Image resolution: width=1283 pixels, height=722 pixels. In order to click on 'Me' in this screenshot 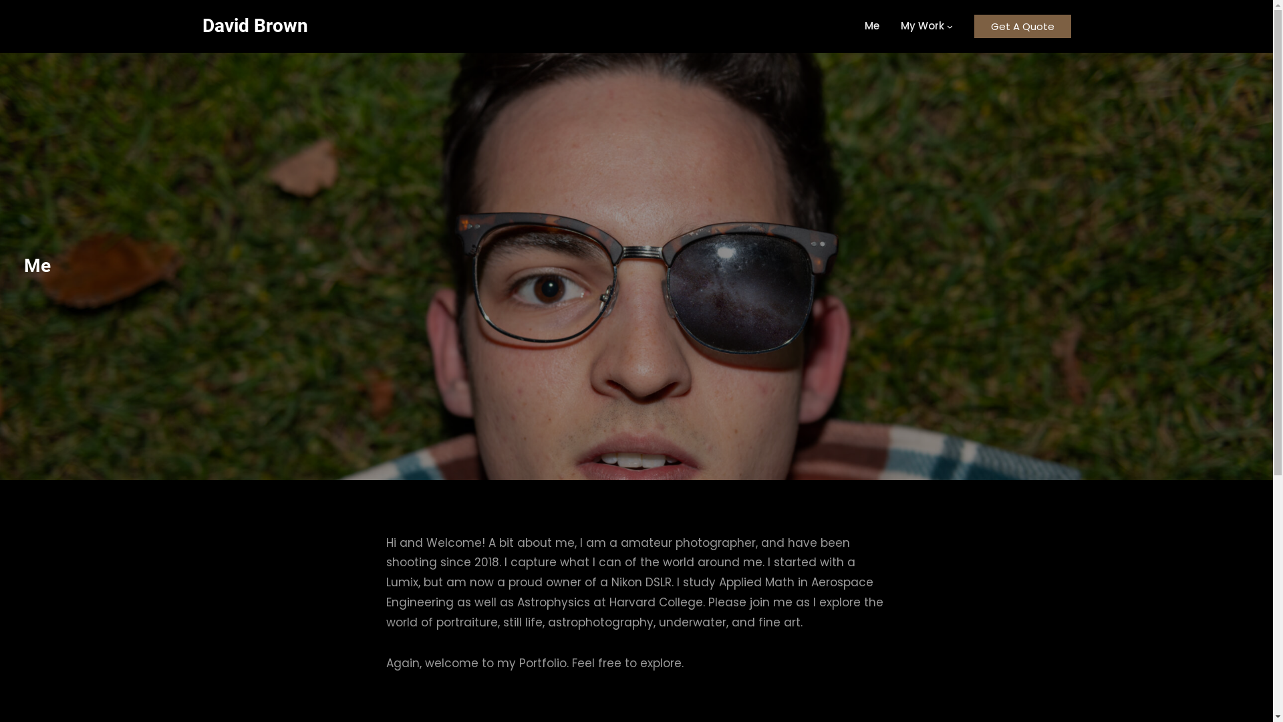, I will do `click(872, 25)`.